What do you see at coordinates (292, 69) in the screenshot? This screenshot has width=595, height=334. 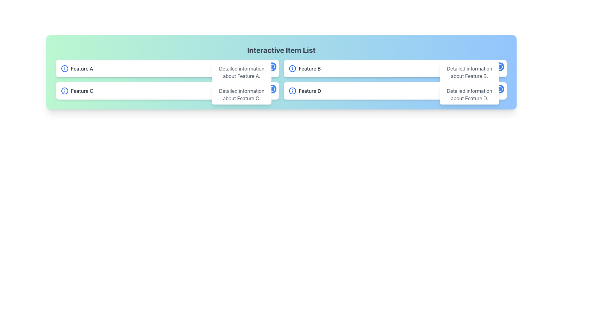 I see `the circular blue-bordered icon with a lowercase 'i' that is located to the immediate left of 'Feature B' text on the second row of the list, as it serves as an information indicator` at bounding box center [292, 69].